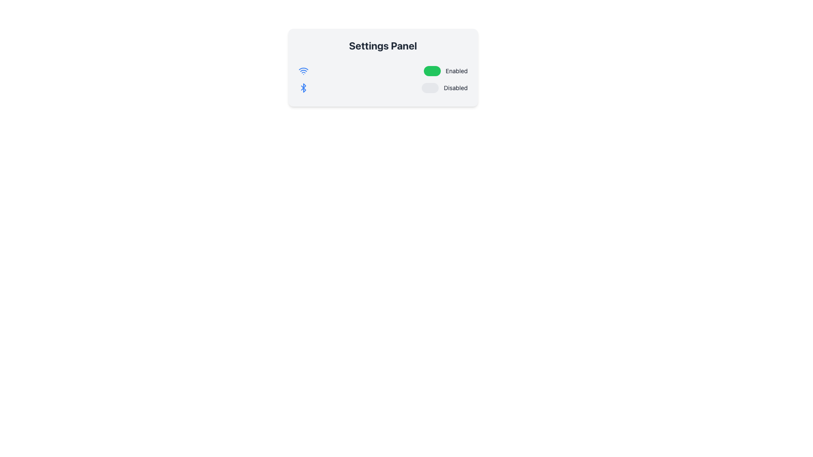  What do you see at coordinates (303, 88) in the screenshot?
I see `the Bluetooth icon located as the second icon in the left column of the settings panel, positioned below the Wi-Fi symbol` at bounding box center [303, 88].